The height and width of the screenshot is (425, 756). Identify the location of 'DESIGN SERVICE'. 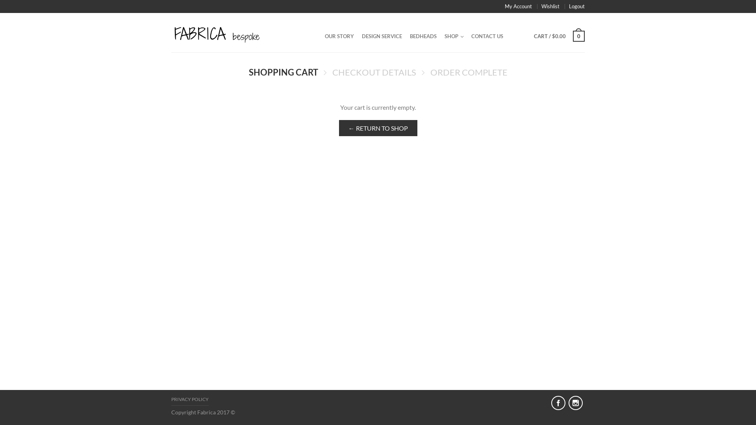
(382, 36).